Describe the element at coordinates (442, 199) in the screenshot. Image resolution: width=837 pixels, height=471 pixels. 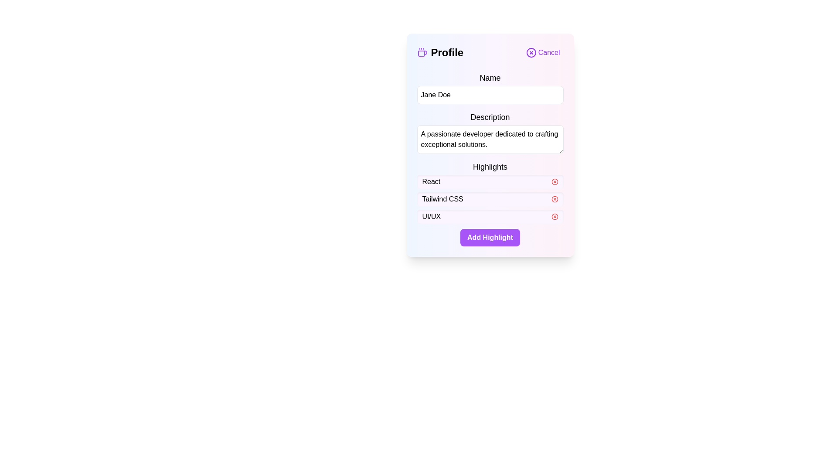
I see `the Text label in the 'Highlights' section of the profile card interface` at that location.